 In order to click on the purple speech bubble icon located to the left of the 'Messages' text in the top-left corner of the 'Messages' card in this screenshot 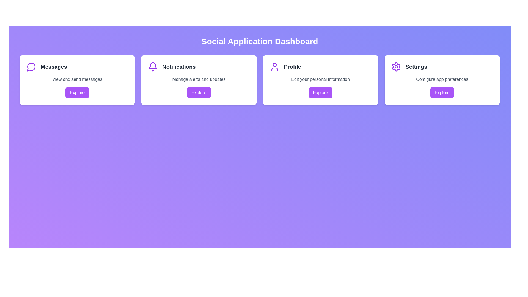, I will do `click(31, 67)`.